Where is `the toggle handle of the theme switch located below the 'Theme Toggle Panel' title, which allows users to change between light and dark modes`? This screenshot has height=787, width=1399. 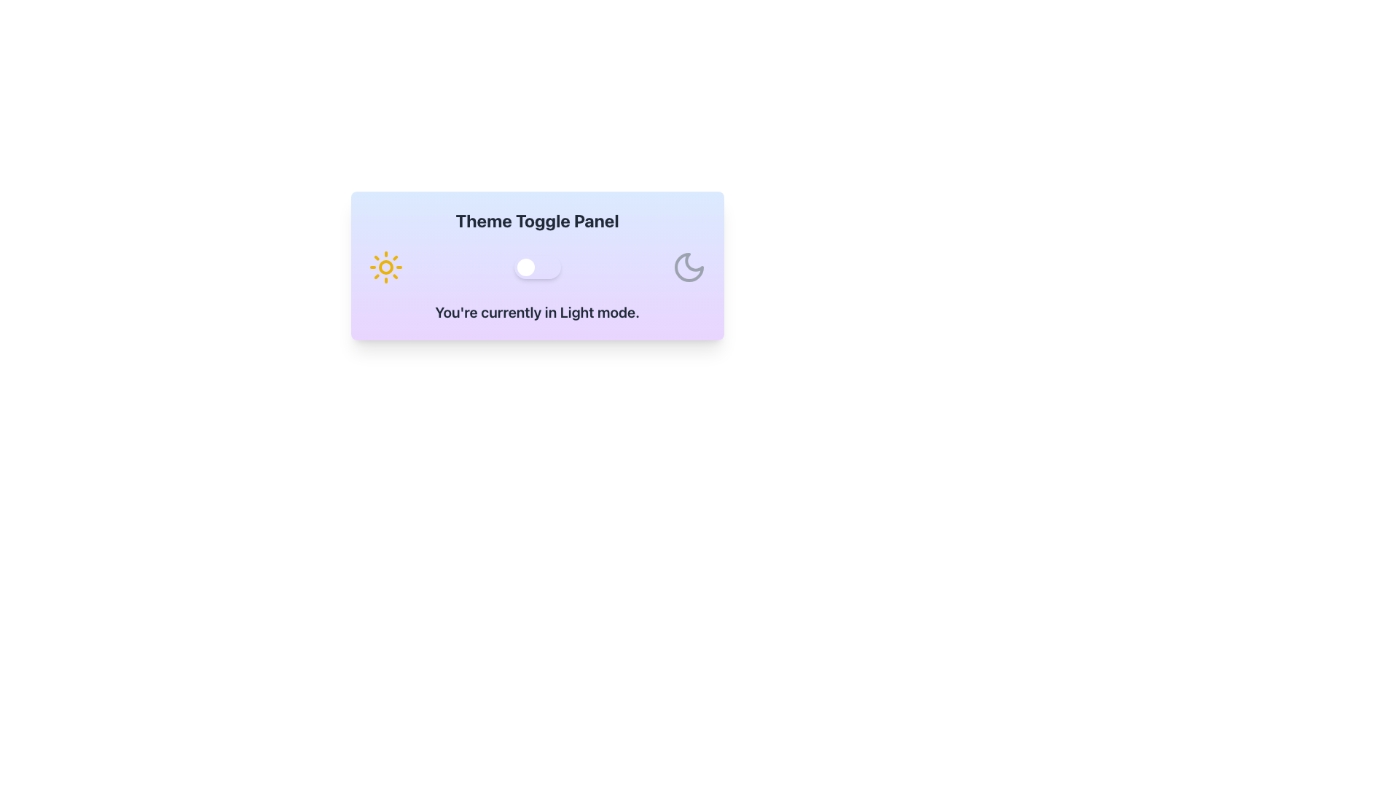
the toggle handle of the theme switch located below the 'Theme Toggle Panel' title, which allows users to change between light and dark modes is located at coordinates (525, 267).